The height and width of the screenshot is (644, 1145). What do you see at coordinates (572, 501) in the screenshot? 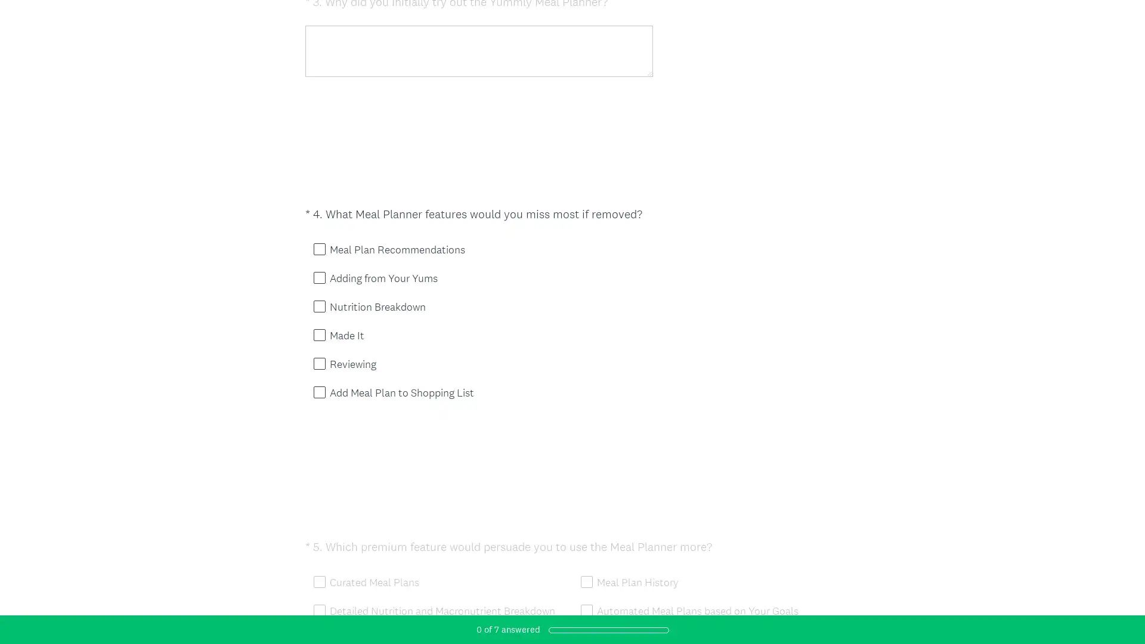
I see `DONE` at bounding box center [572, 501].